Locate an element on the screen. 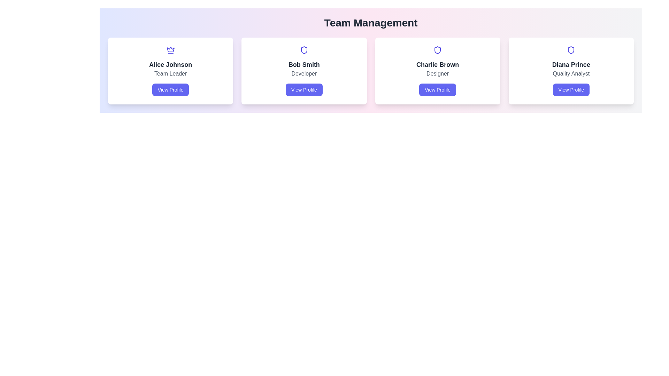 This screenshot has width=669, height=376. the button that links to the detailed profile of 'Charlie Brown', located at the bottom of the card associated with 'Charlie Brown' and 'Designer' is located at coordinates (437, 89).